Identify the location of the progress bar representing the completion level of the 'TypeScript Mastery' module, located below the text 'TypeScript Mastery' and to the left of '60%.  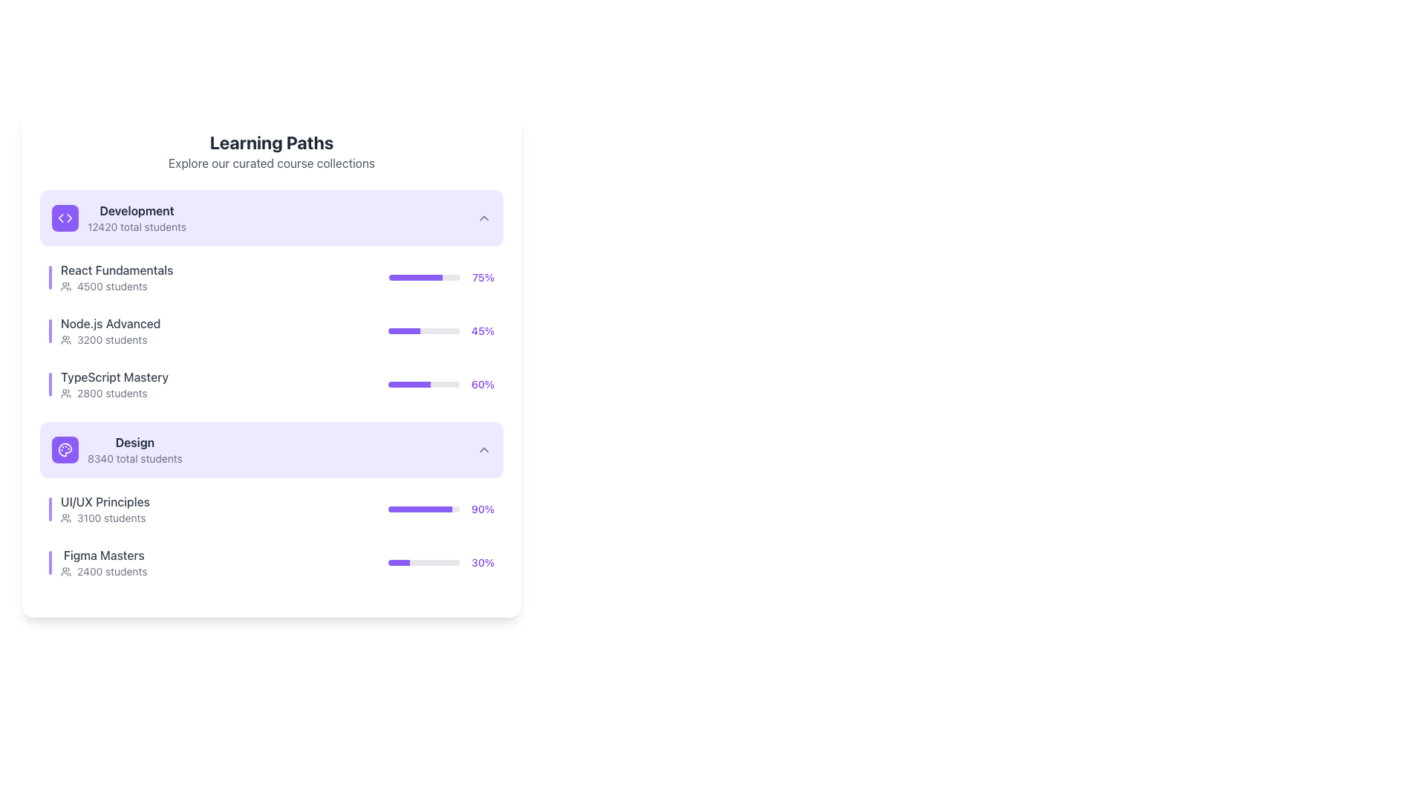
(423, 383).